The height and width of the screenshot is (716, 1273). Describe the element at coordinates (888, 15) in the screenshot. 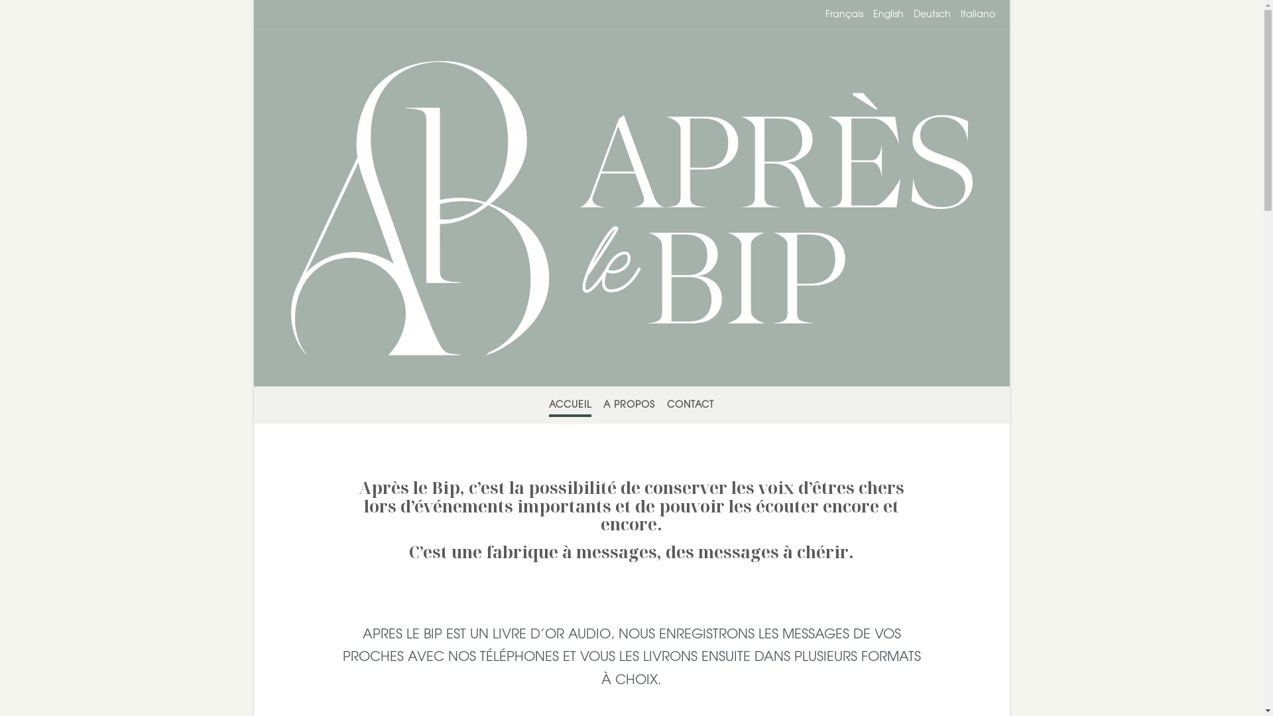

I see `'English'` at that location.